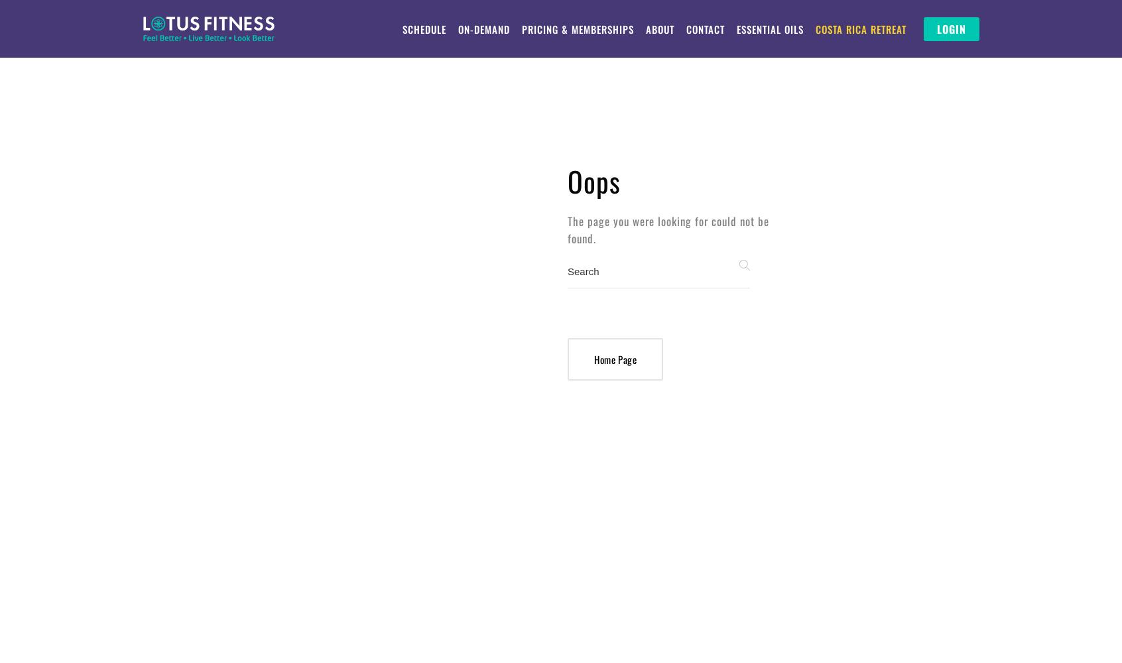 The height and width of the screenshot is (663, 1122). I want to click on 'SCHEDULE', so click(424, 29).